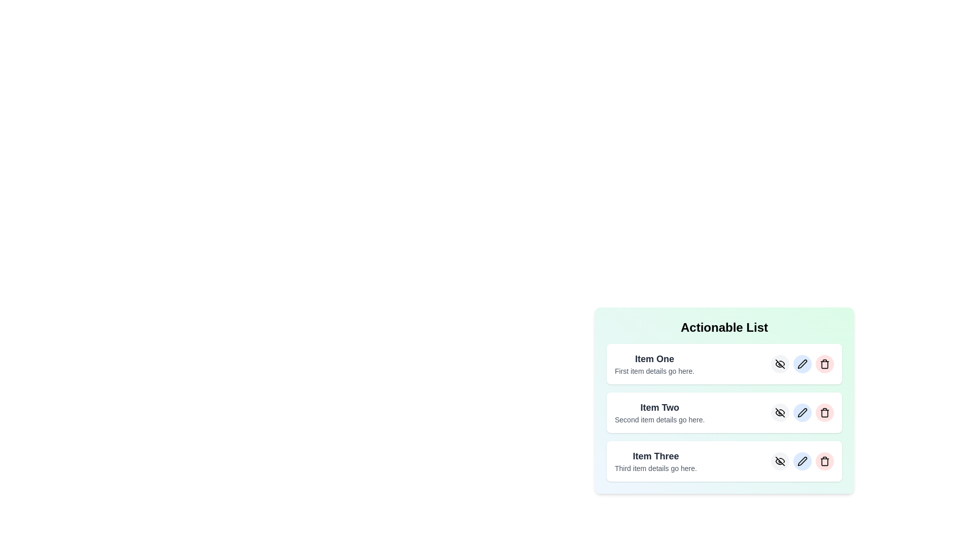 The width and height of the screenshot is (974, 547). I want to click on the delete button for the item with title Item One, so click(825, 363).